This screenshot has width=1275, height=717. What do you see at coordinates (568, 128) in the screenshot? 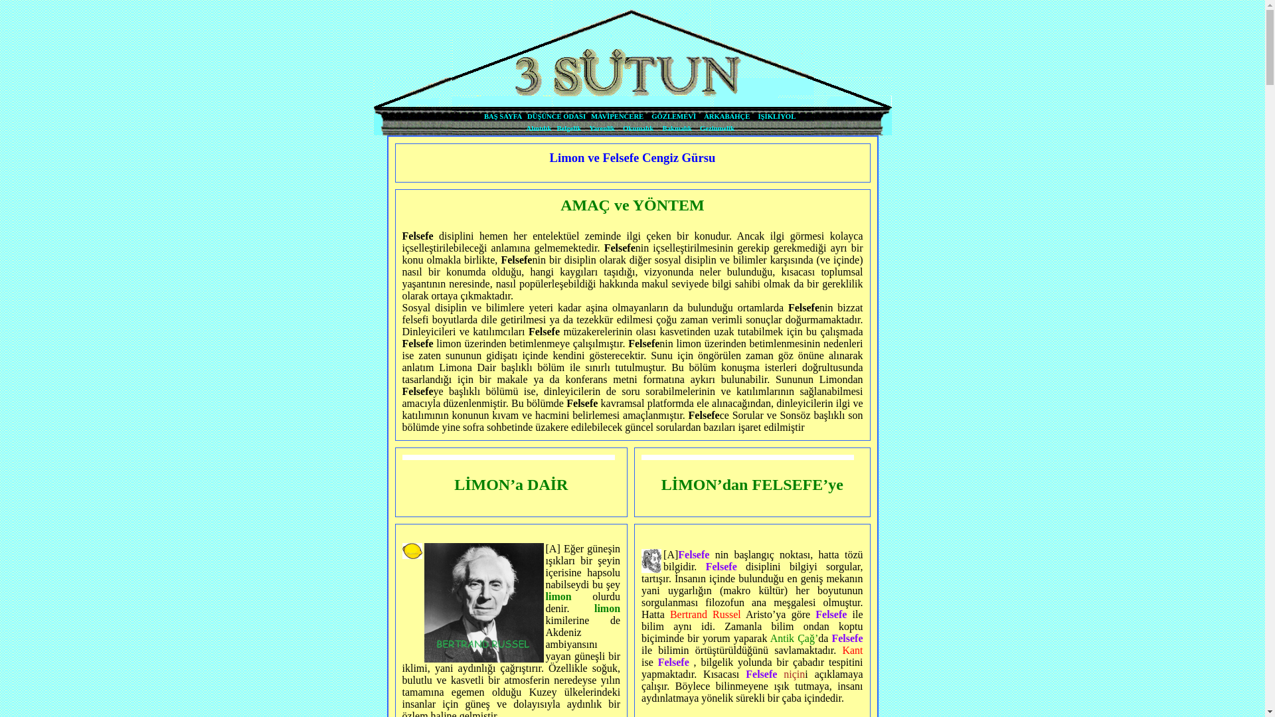
I see `'Belgelik'` at bounding box center [568, 128].